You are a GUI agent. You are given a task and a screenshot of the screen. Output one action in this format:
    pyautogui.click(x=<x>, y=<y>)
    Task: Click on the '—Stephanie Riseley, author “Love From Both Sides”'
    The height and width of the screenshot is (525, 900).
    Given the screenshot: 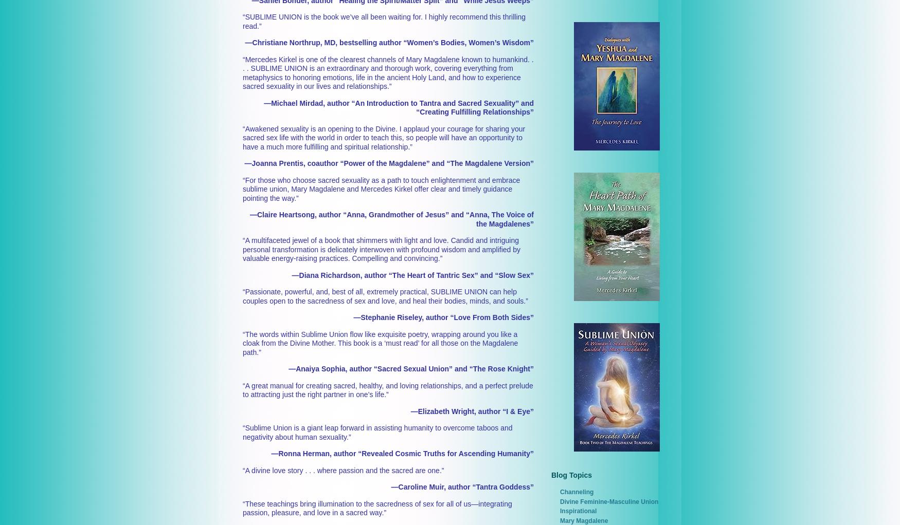 What is the action you would take?
    pyautogui.click(x=443, y=317)
    